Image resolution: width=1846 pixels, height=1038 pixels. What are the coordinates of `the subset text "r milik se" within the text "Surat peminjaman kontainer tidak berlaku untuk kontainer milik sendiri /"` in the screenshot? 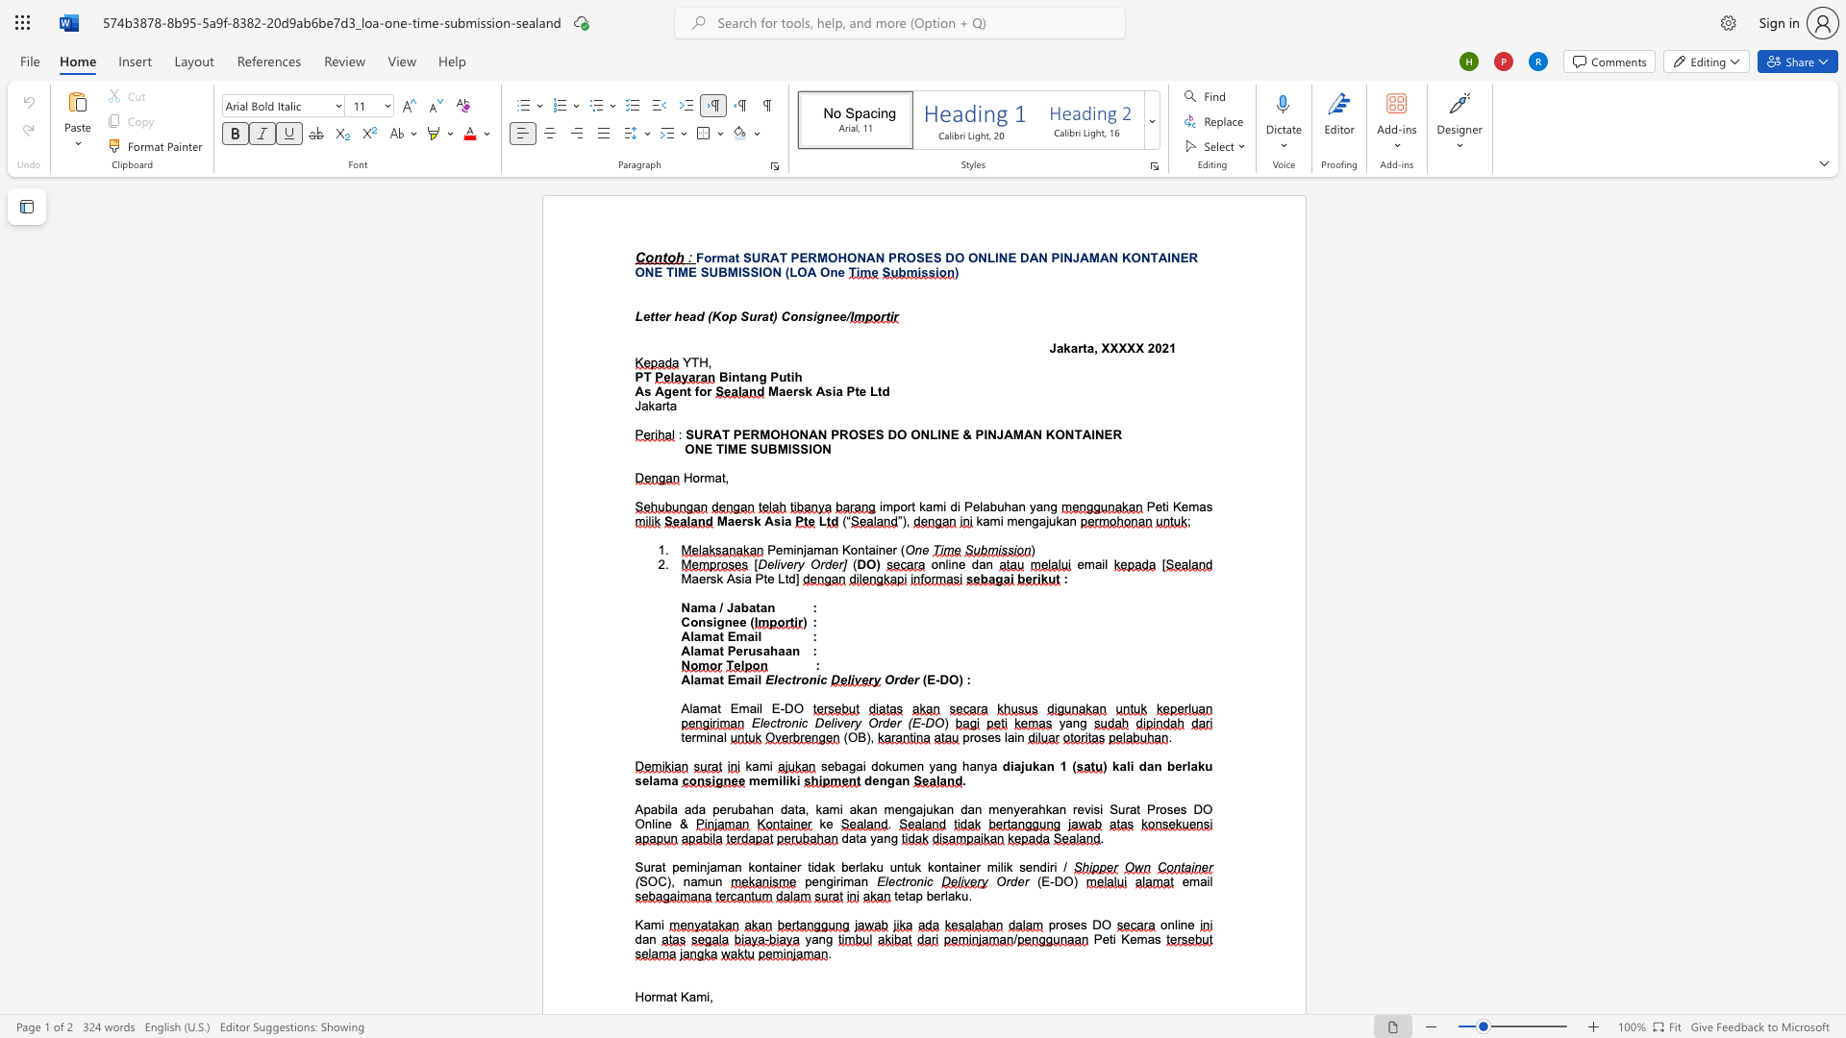 It's located at (976, 867).